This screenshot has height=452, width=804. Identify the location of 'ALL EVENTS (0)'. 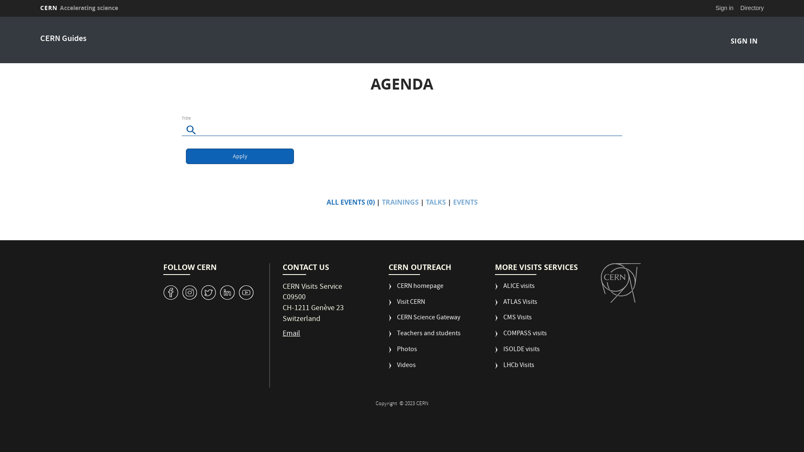
(350, 202).